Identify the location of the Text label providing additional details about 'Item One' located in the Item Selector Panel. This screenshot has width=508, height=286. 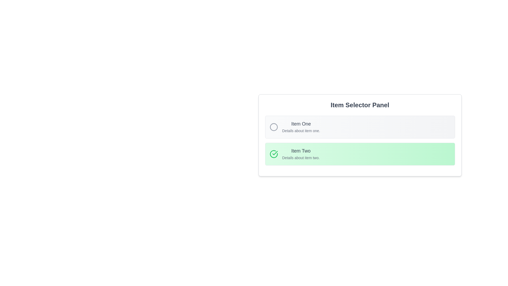
(301, 131).